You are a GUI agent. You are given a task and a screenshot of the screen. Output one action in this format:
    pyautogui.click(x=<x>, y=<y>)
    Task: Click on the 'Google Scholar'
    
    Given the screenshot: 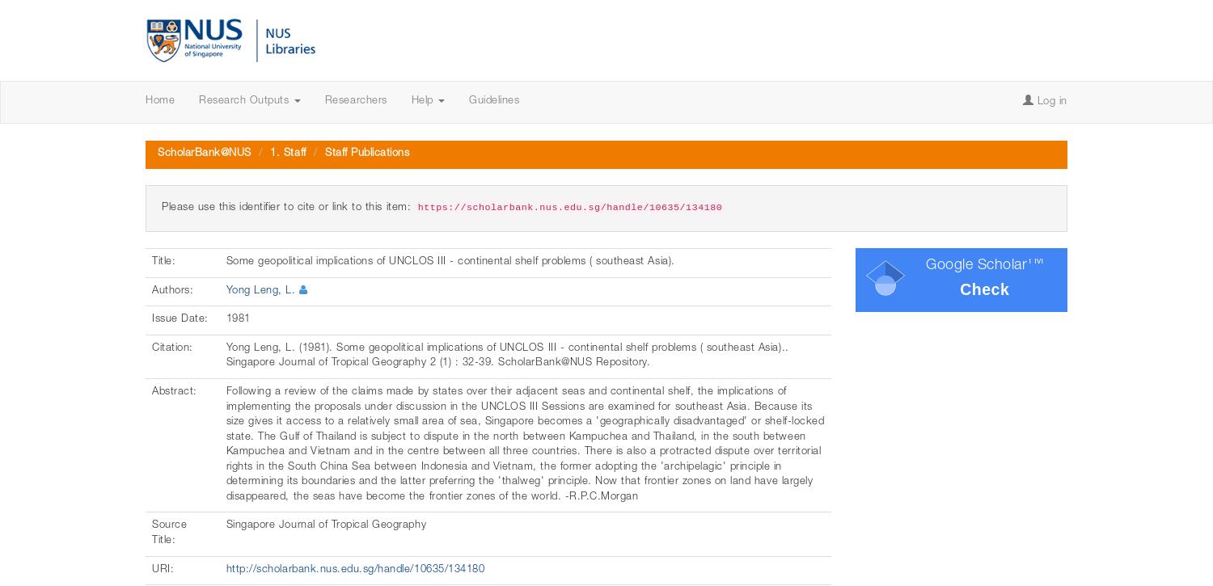 What is the action you would take?
    pyautogui.click(x=975, y=266)
    